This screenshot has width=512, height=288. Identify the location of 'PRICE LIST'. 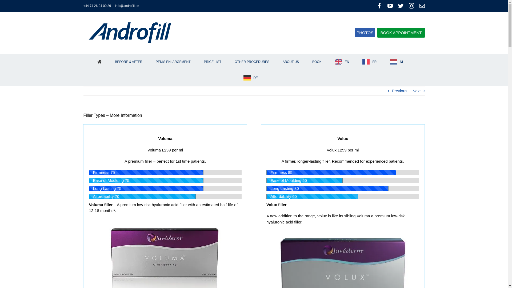
(200, 61).